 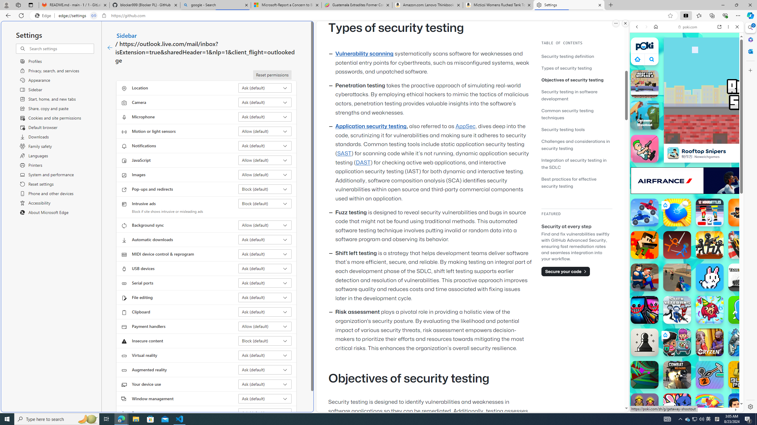 I want to click on 'Sports Games', so click(x=686, y=197).